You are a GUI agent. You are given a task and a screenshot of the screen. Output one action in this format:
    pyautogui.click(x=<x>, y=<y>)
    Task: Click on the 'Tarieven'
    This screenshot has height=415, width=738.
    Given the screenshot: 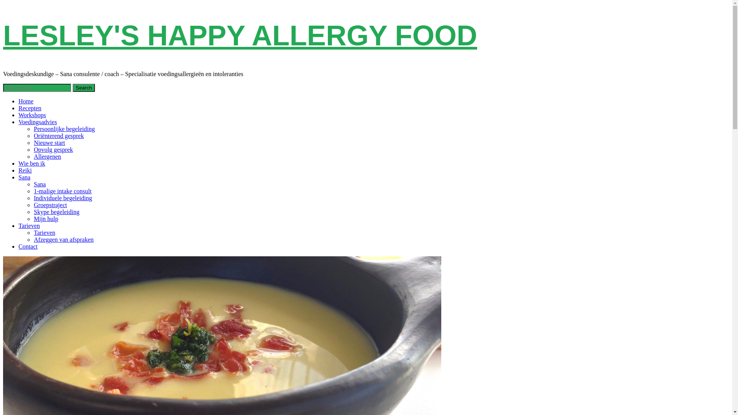 What is the action you would take?
    pyautogui.click(x=18, y=225)
    